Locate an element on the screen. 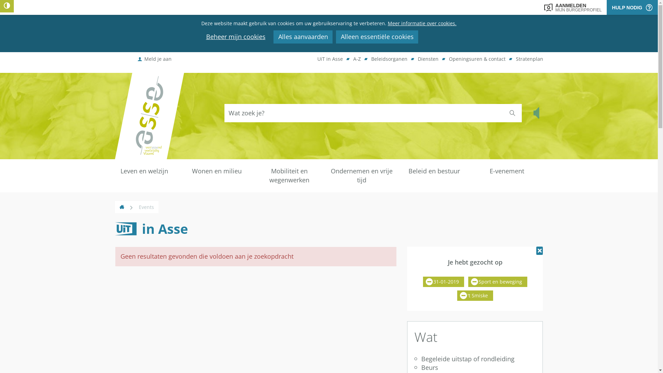 The height and width of the screenshot is (373, 663). 'Beurs' is located at coordinates (414, 367).